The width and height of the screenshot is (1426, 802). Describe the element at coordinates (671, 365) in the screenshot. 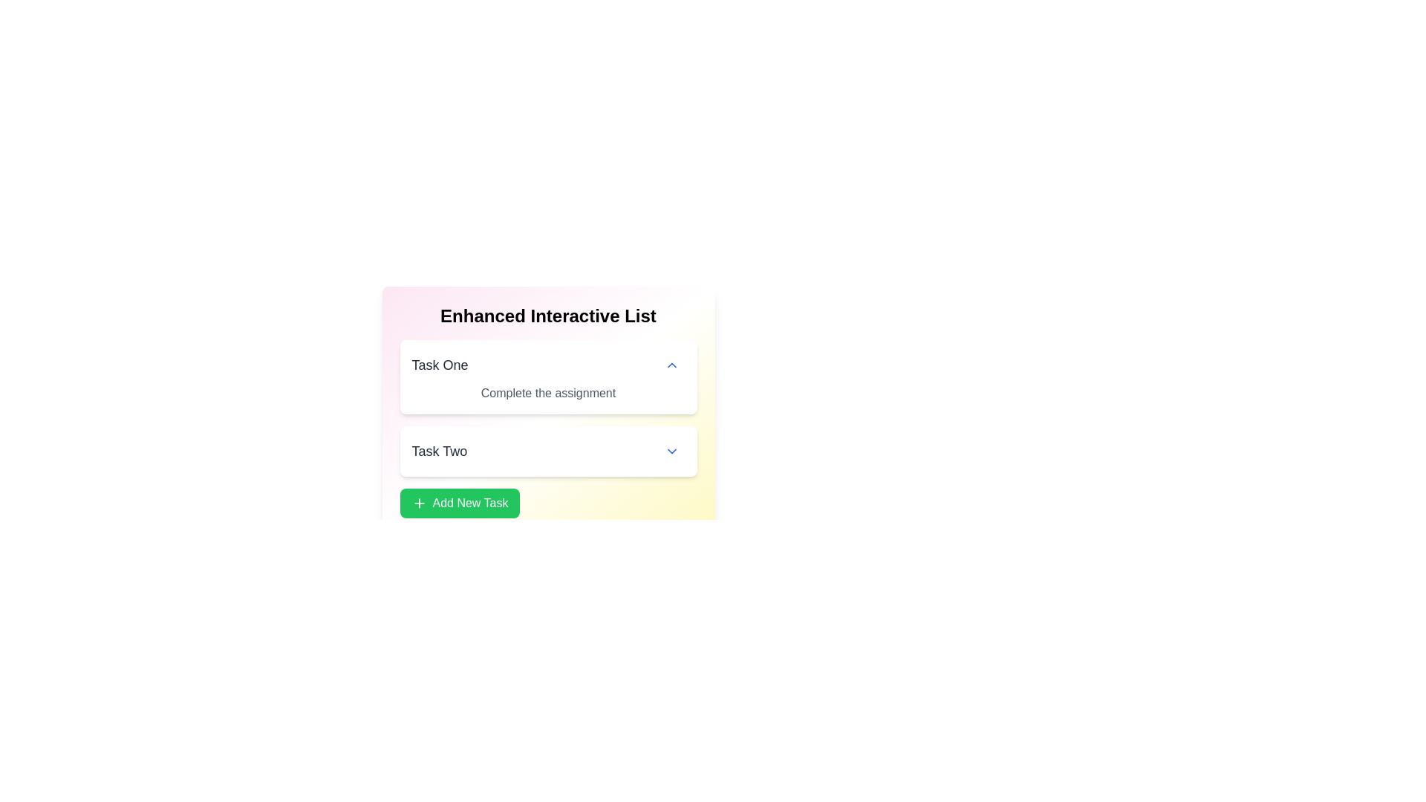

I see `the expand/collapse button of the task to reveal its details` at that location.